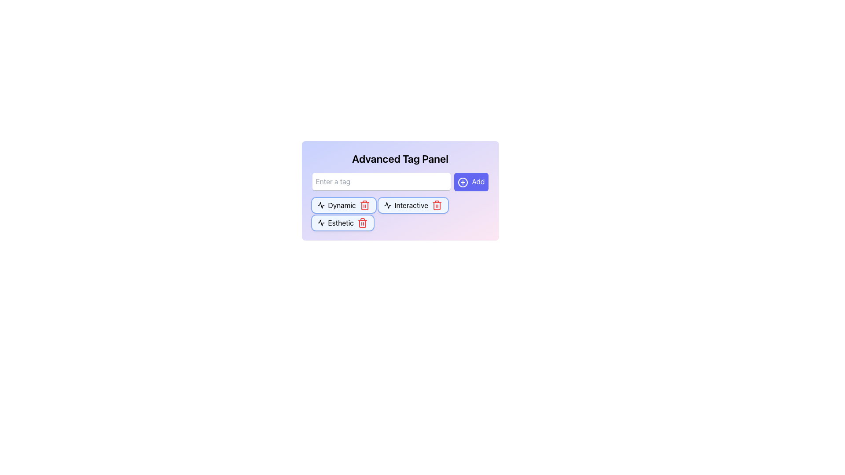 The image size is (845, 475). Describe the element at coordinates (387, 205) in the screenshot. I see `the activity icon located on the far left of the blue-bordered 'Interactive' button, which enhances the button's recognition and usability` at that location.